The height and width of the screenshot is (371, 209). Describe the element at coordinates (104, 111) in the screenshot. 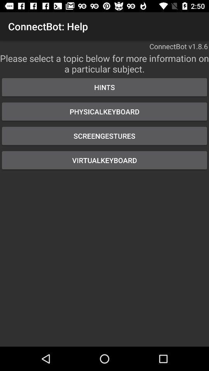

I see `the icon above screengestures` at that location.